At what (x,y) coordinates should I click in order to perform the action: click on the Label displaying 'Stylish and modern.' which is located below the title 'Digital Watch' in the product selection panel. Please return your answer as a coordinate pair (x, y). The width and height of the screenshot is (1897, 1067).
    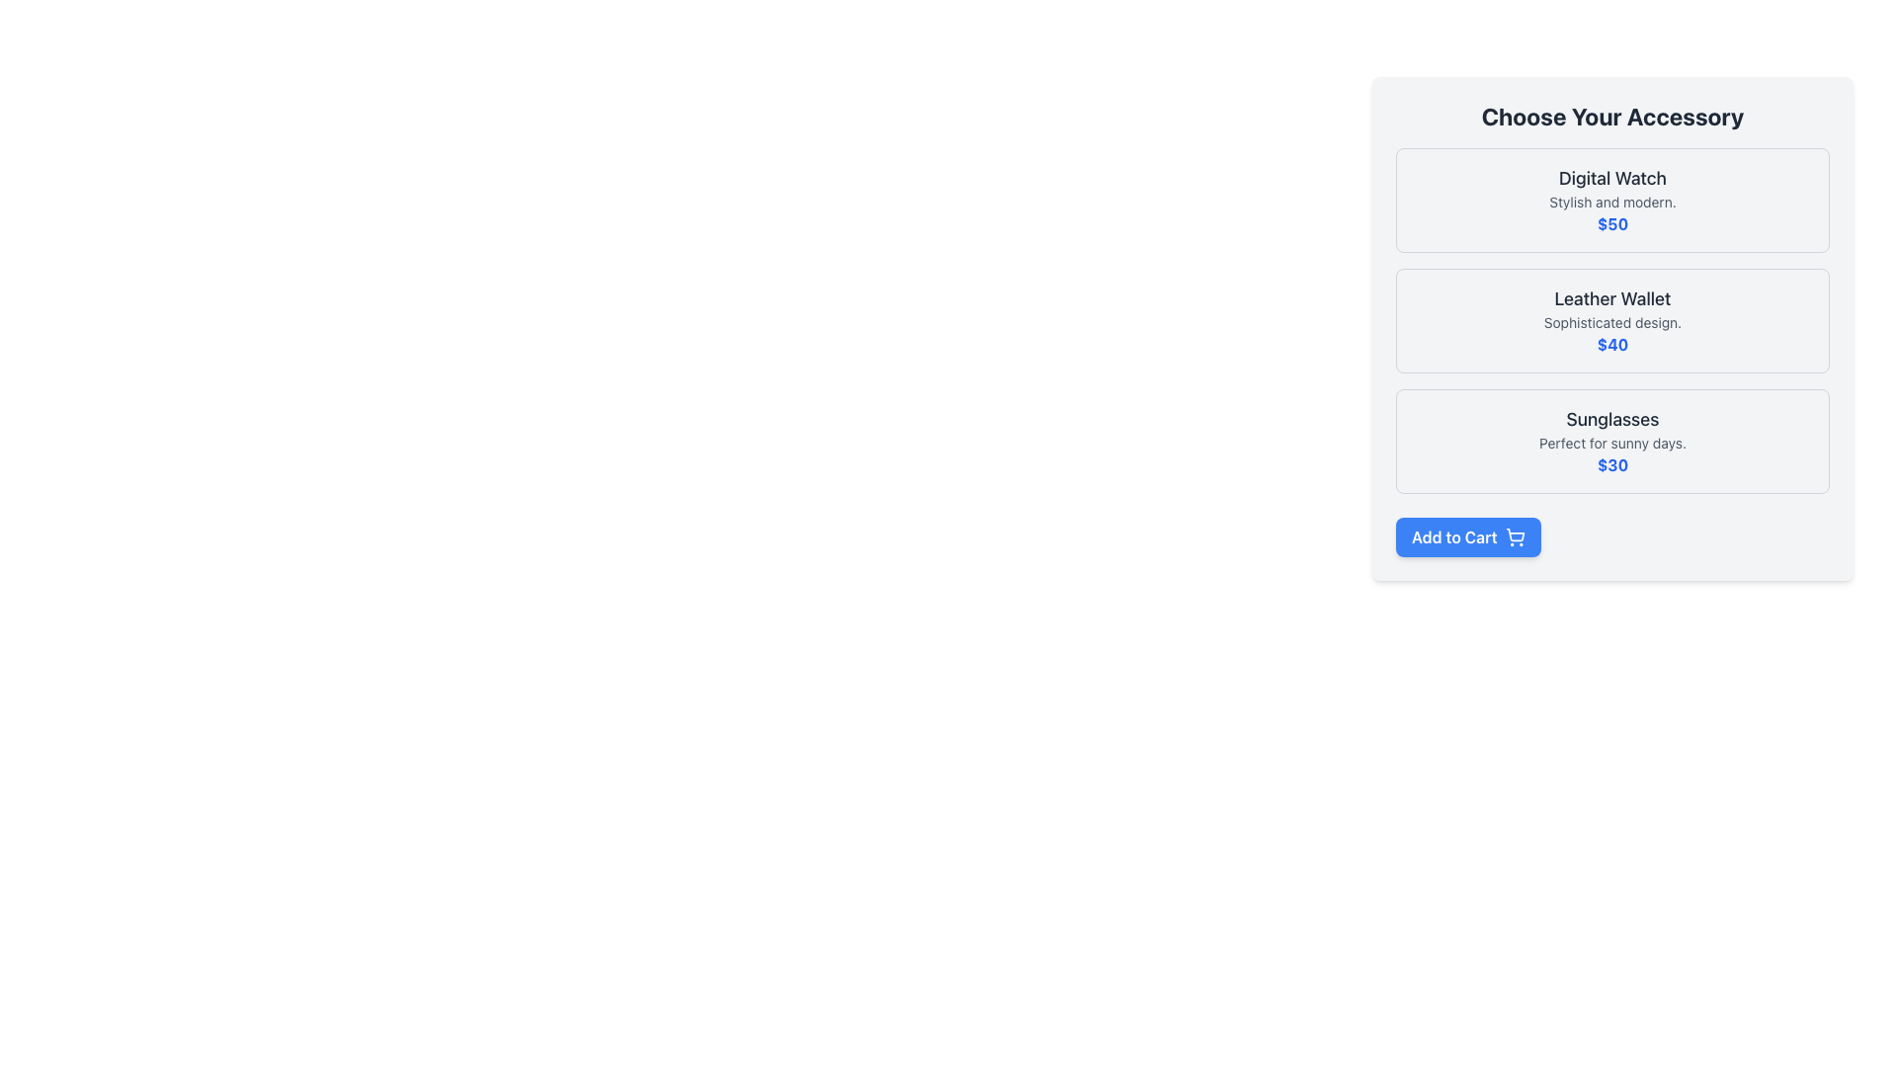
    Looking at the image, I should click on (1612, 202).